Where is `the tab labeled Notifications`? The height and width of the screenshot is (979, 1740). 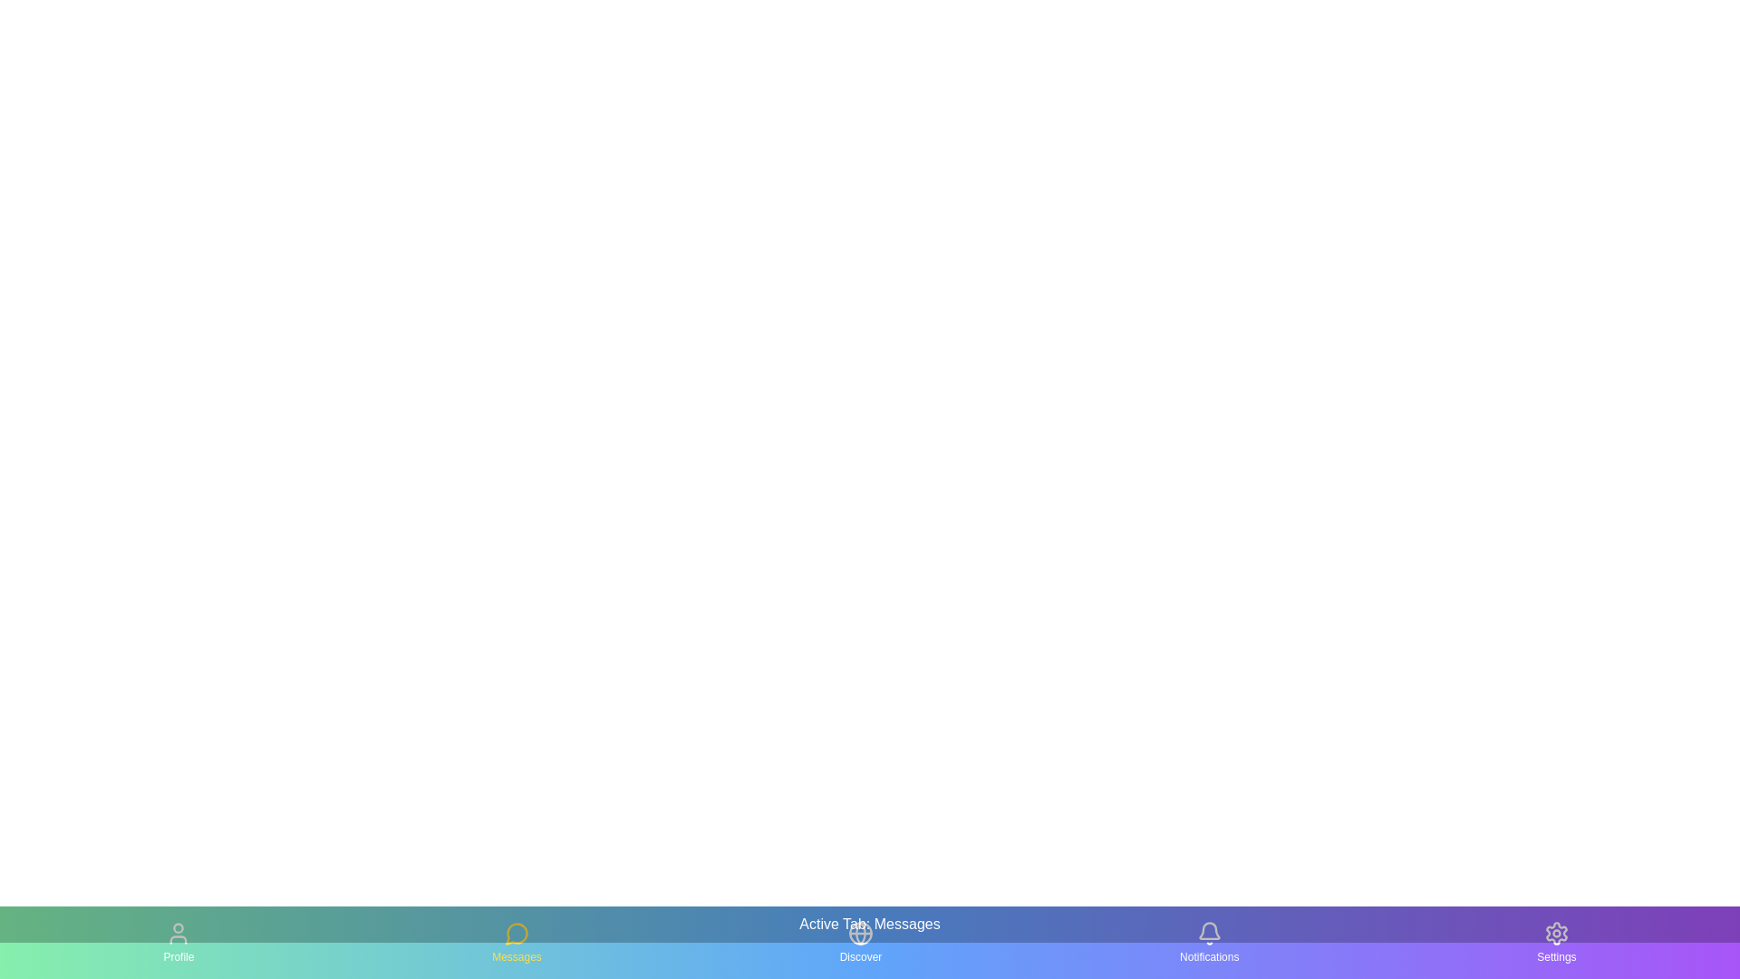
the tab labeled Notifications is located at coordinates (1209, 942).